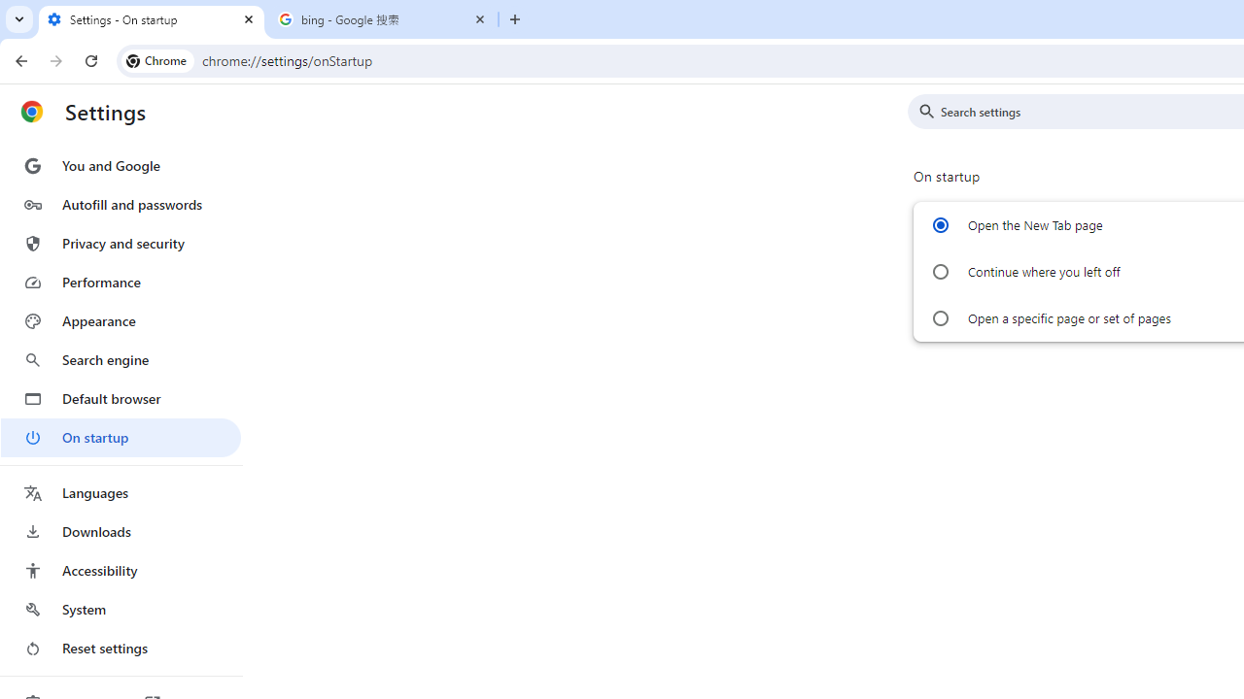 This screenshot has width=1244, height=699. I want to click on 'Default browser', so click(120, 398).